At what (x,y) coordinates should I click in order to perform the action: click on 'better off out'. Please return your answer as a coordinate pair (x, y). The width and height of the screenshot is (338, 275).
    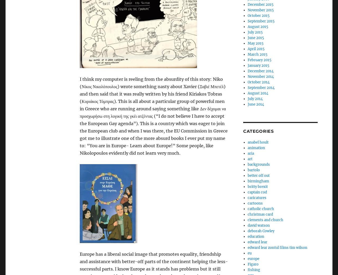
    Looking at the image, I should click on (258, 176).